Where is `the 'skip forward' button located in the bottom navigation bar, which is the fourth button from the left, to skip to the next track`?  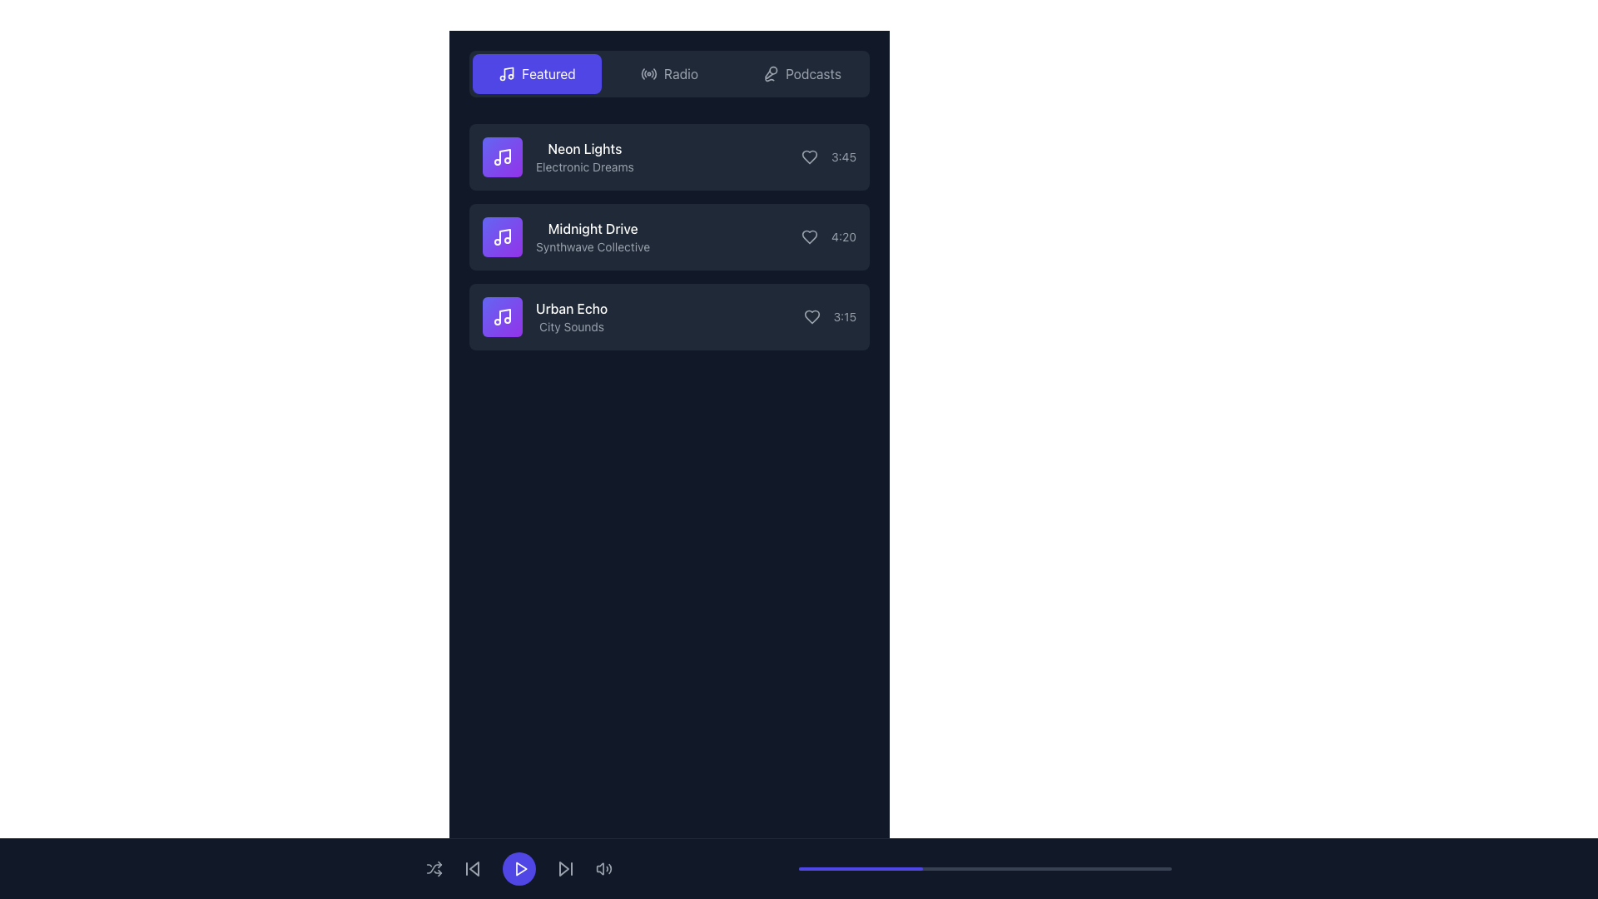
the 'skip forward' button located in the bottom navigation bar, which is the fourth button from the left, to skip to the next track is located at coordinates (566, 868).